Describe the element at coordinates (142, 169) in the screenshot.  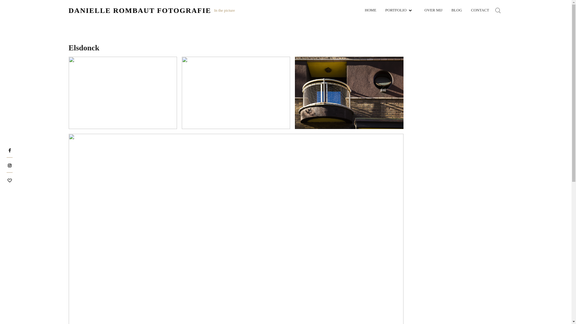
I see `'Search'` at that location.